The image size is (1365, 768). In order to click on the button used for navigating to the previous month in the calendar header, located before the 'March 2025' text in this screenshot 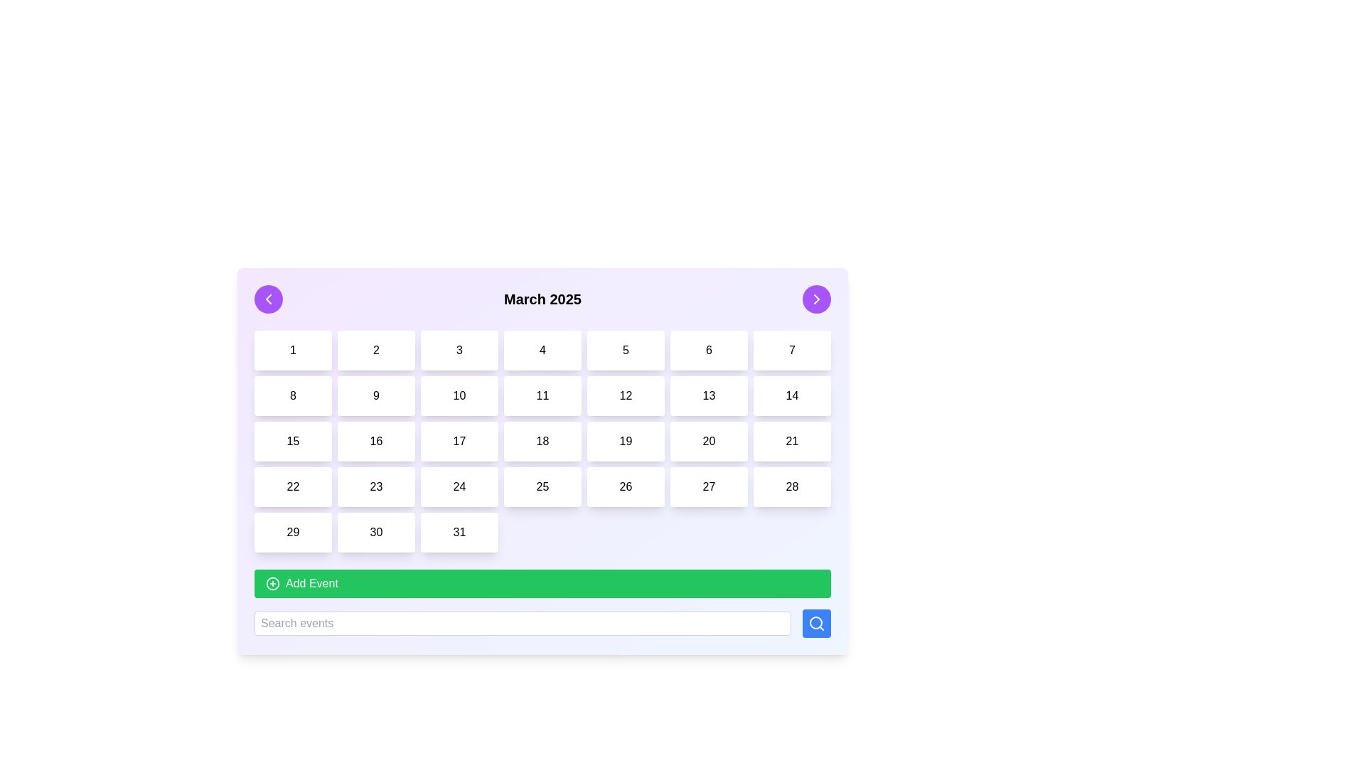, I will do `click(269, 298)`.